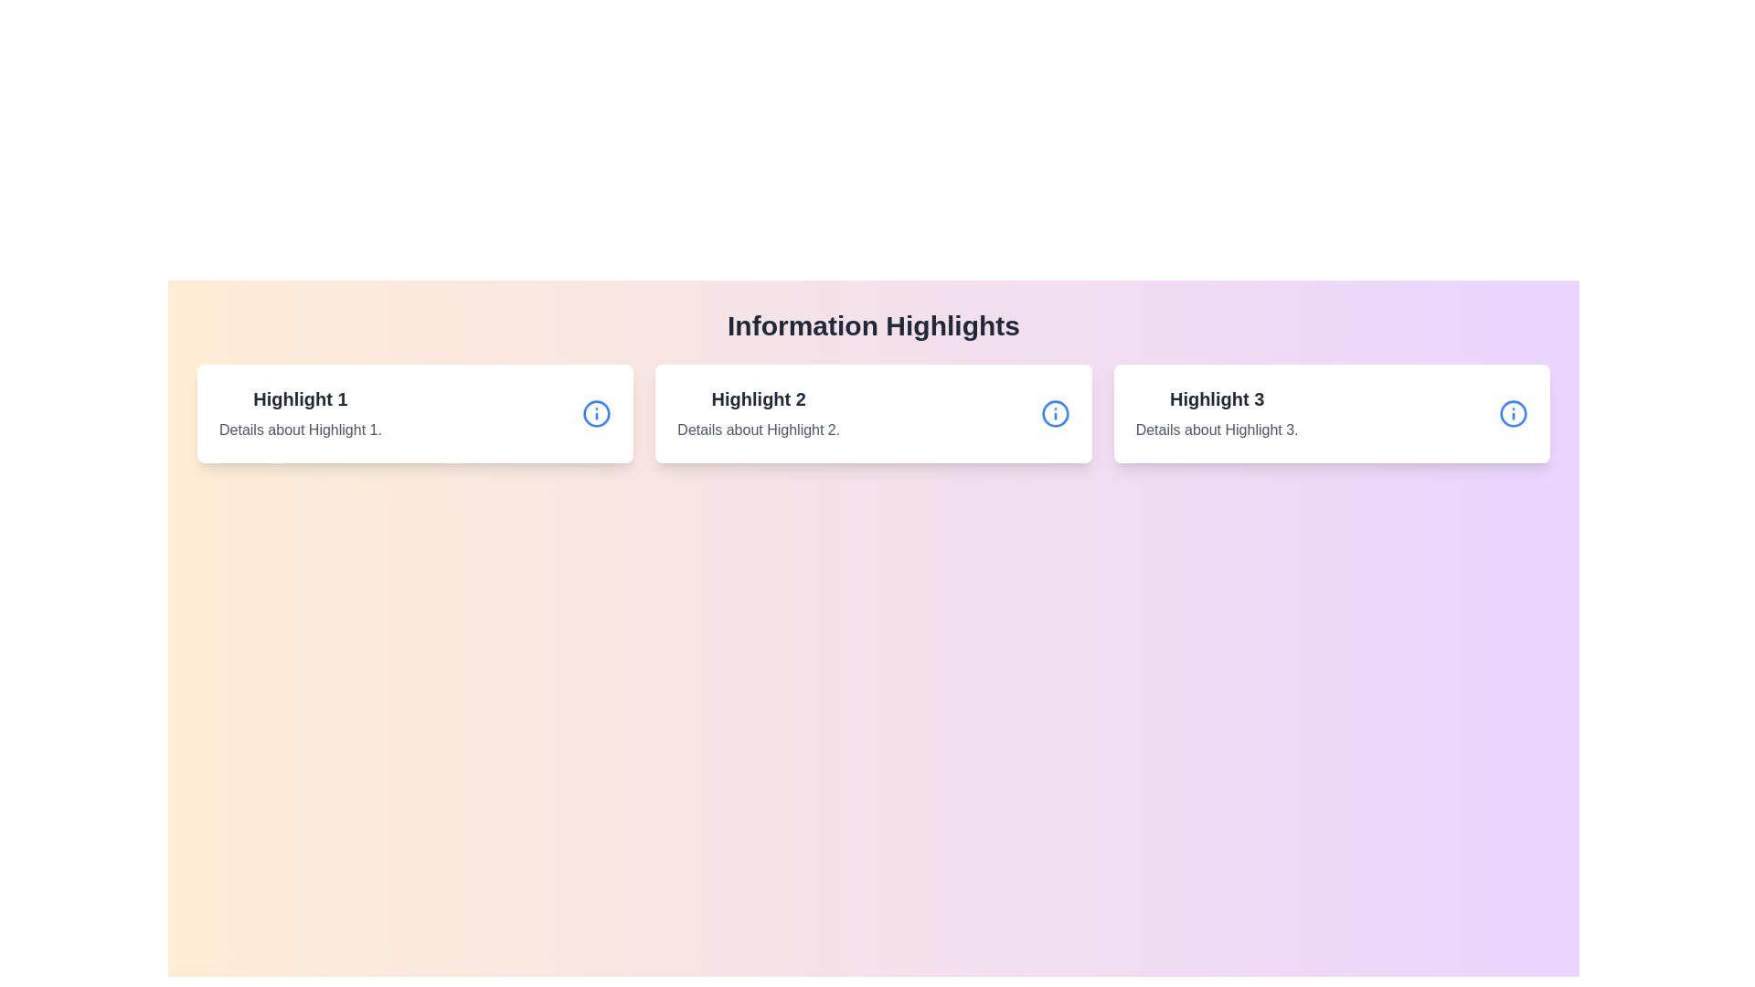  Describe the element at coordinates (1514, 413) in the screenshot. I see `the design of the circular graphic or icon located at the far-right side of the 'Highlight 3' card` at that location.